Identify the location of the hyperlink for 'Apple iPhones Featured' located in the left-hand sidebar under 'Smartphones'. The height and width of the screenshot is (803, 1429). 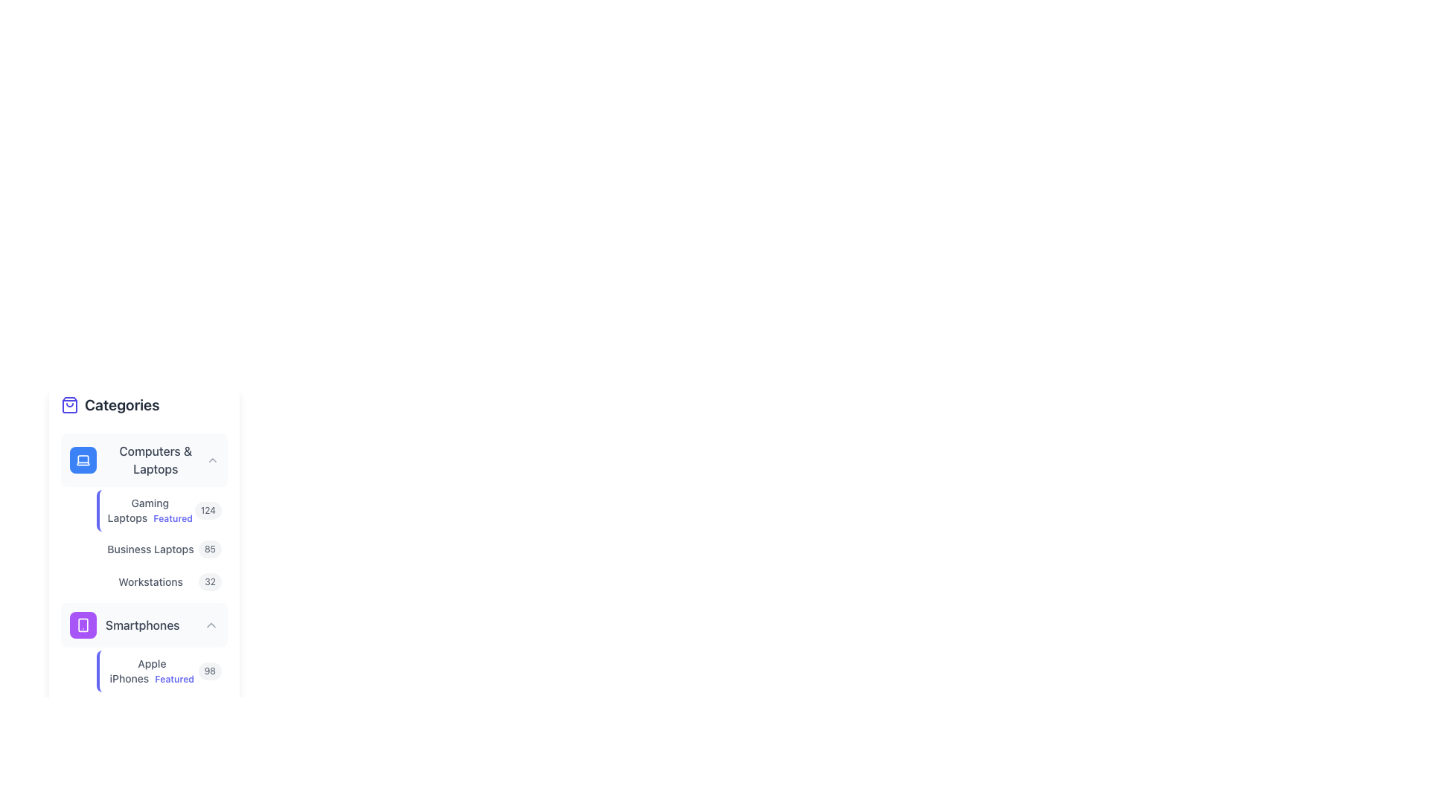
(152, 671).